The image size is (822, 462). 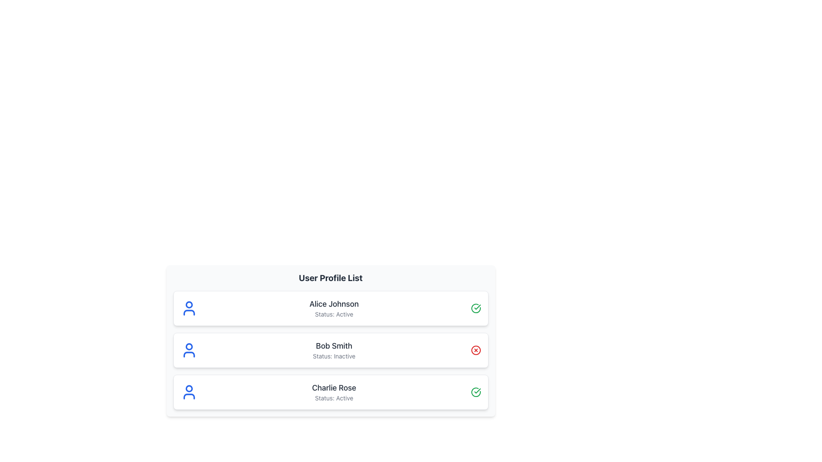 What do you see at coordinates (475, 308) in the screenshot?
I see `the active status indicator icon for the 'Alice Johnson' user profile located at the top-right corner of the profile card` at bounding box center [475, 308].